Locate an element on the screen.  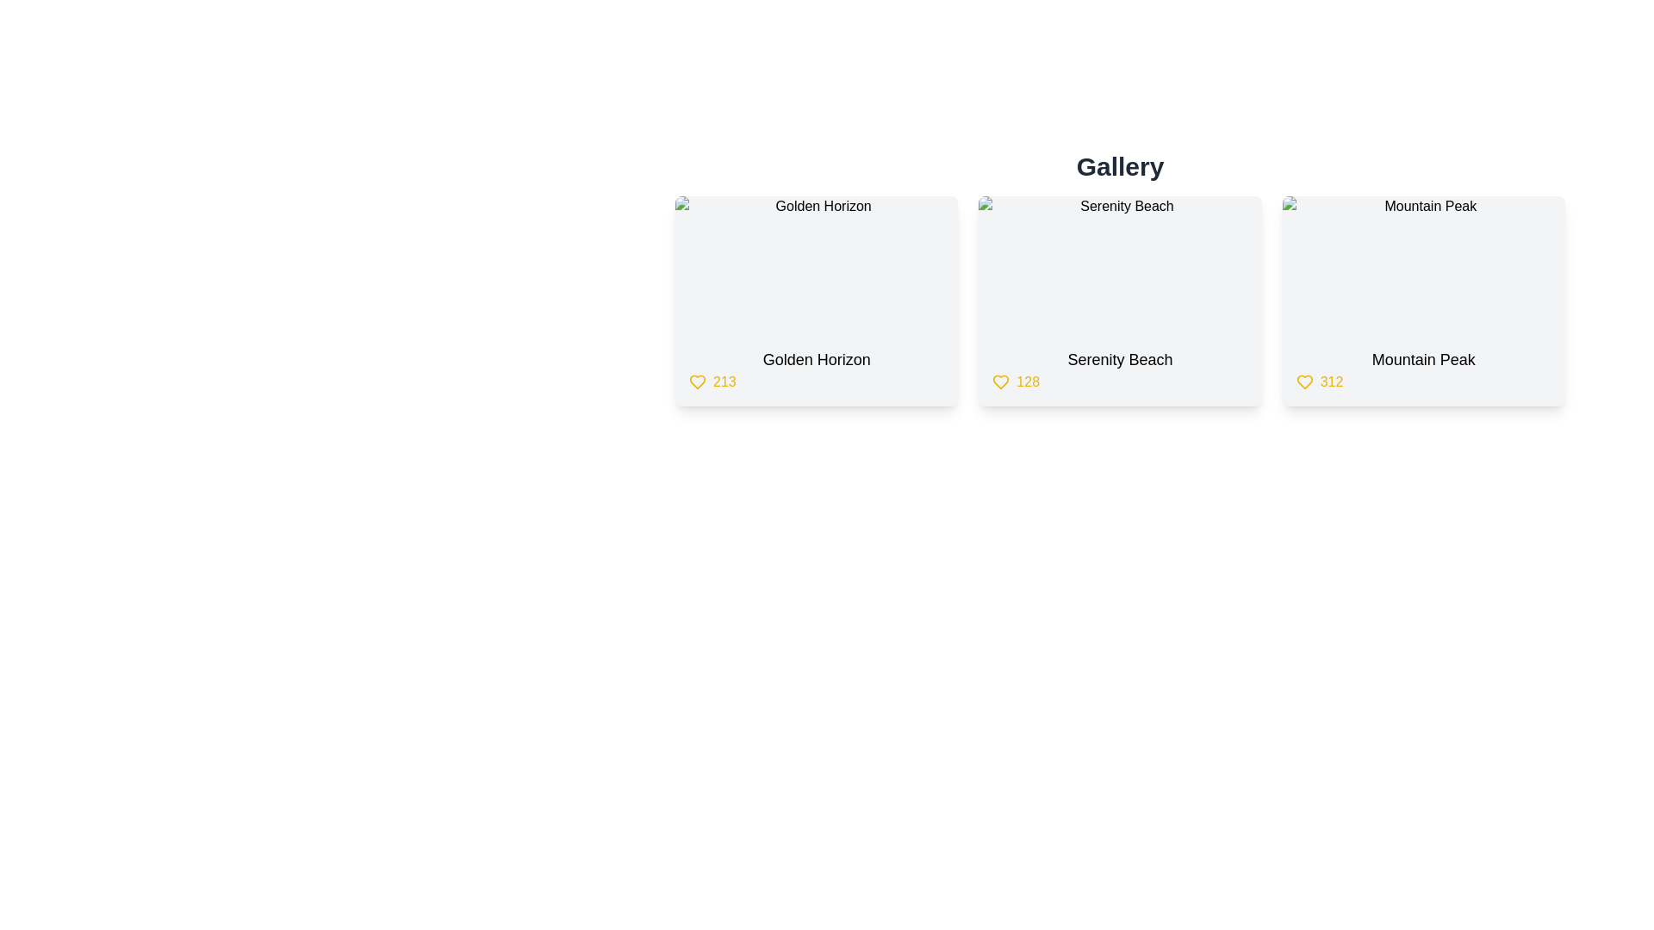
the like count displayed in the heart icon on the 'Serenity Beach' card, which shows a metric of '128' is located at coordinates (1120, 381).